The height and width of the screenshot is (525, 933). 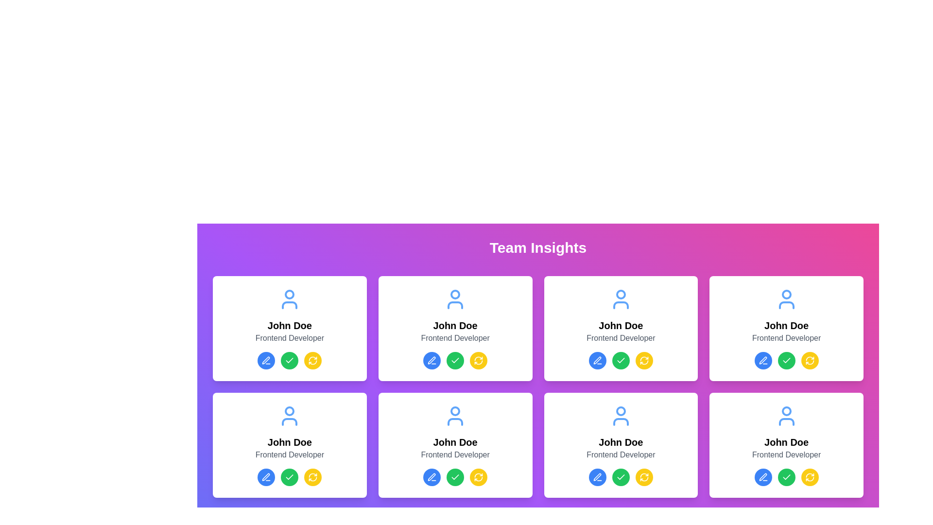 I want to click on the checkmark icon located in the bottom-right card of the grid layout to approve or confirm the associated action, so click(x=620, y=477).